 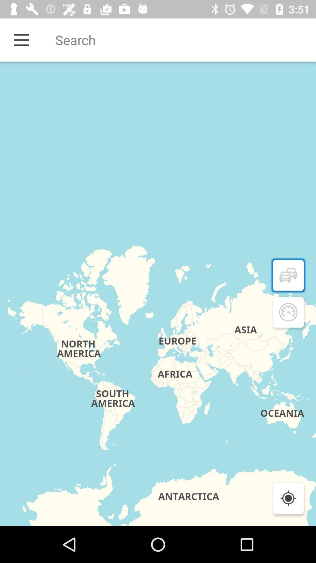 I want to click on show more menu options, so click(x=21, y=40).